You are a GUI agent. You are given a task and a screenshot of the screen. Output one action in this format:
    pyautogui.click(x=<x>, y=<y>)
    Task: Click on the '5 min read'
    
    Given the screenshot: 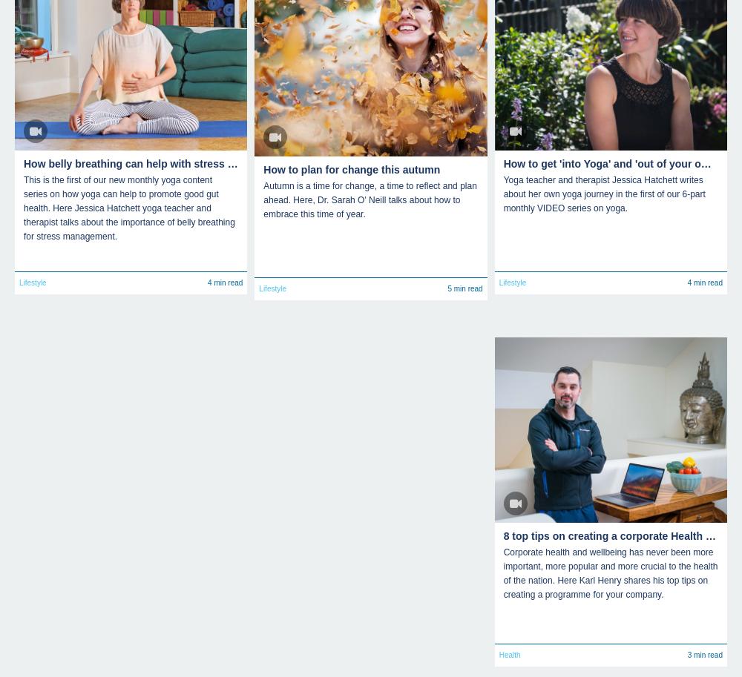 What is the action you would take?
    pyautogui.click(x=464, y=287)
    